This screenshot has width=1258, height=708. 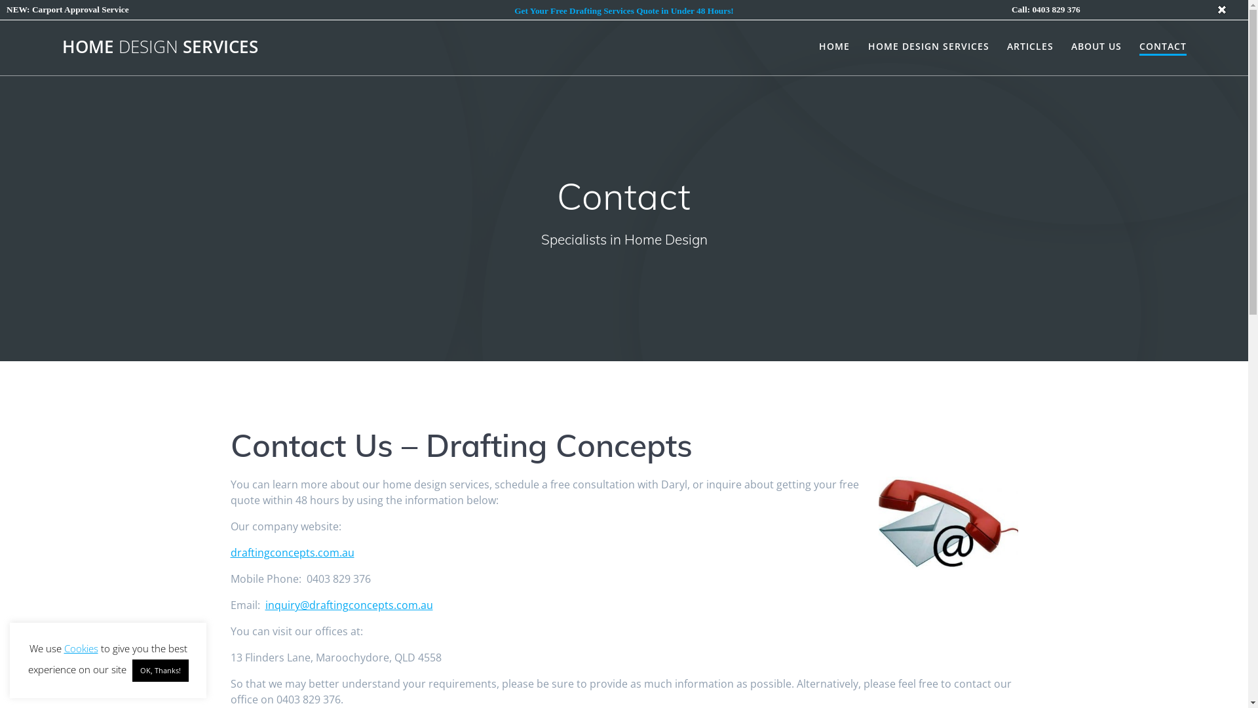 I want to click on 'draftingconcepts.com.au', so click(x=230, y=553).